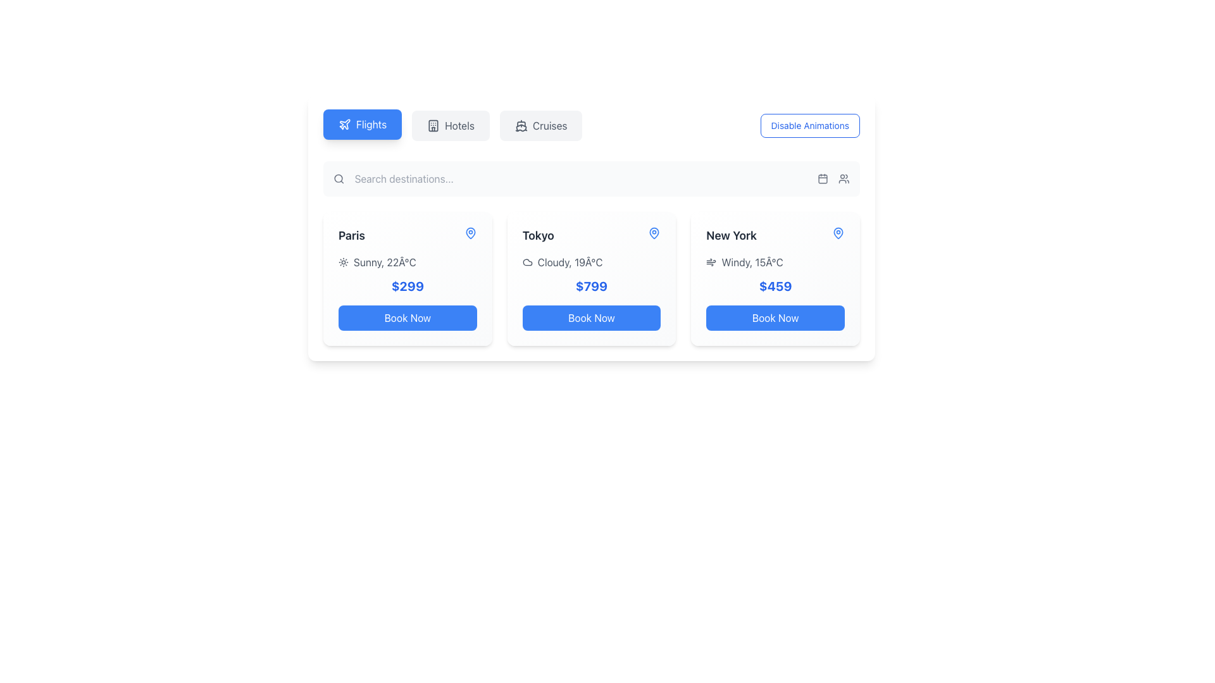 This screenshot has height=683, width=1215. What do you see at coordinates (408, 317) in the screenshot?
I see `the 'Book Now' button with a blue background and white text at the bottom of the Paris information card` at bounding box center [408, 317].